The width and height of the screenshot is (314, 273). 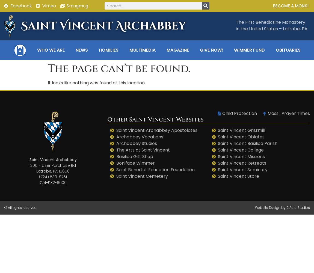 What do you see at coordinates (143, 150) in the screenshot?
I see `'The Arts at Saint Vincent'` at bounding box center [143, 150].